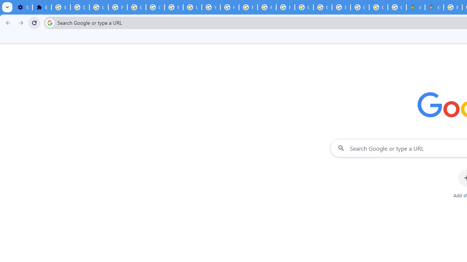 The image size is (467, 262). I want to click on 'Privacy Help Center - Policies Help', so click(248, 7).